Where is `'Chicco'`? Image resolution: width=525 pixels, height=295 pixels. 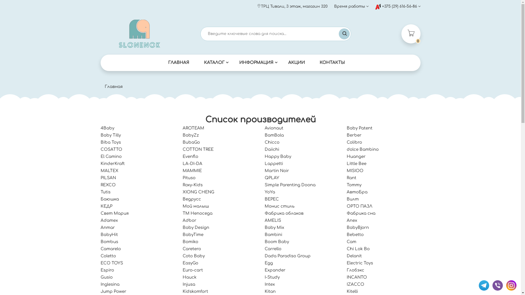
'Chicco' is located at coordinates (272, 142).